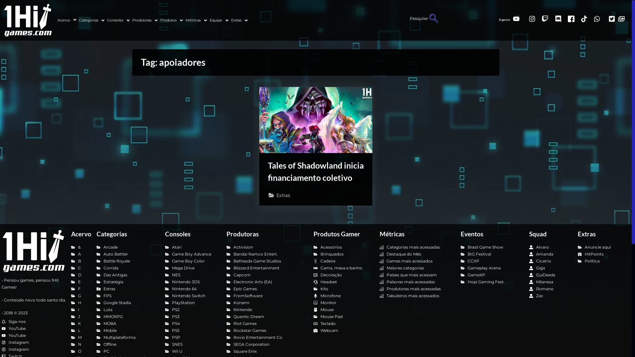 Image resolution: width=635 pixels, height=357 pixels. What do you see at coordinates (267, 275) in the screenshot?
I see `'Capcom'` at bounding box center [267, 275].